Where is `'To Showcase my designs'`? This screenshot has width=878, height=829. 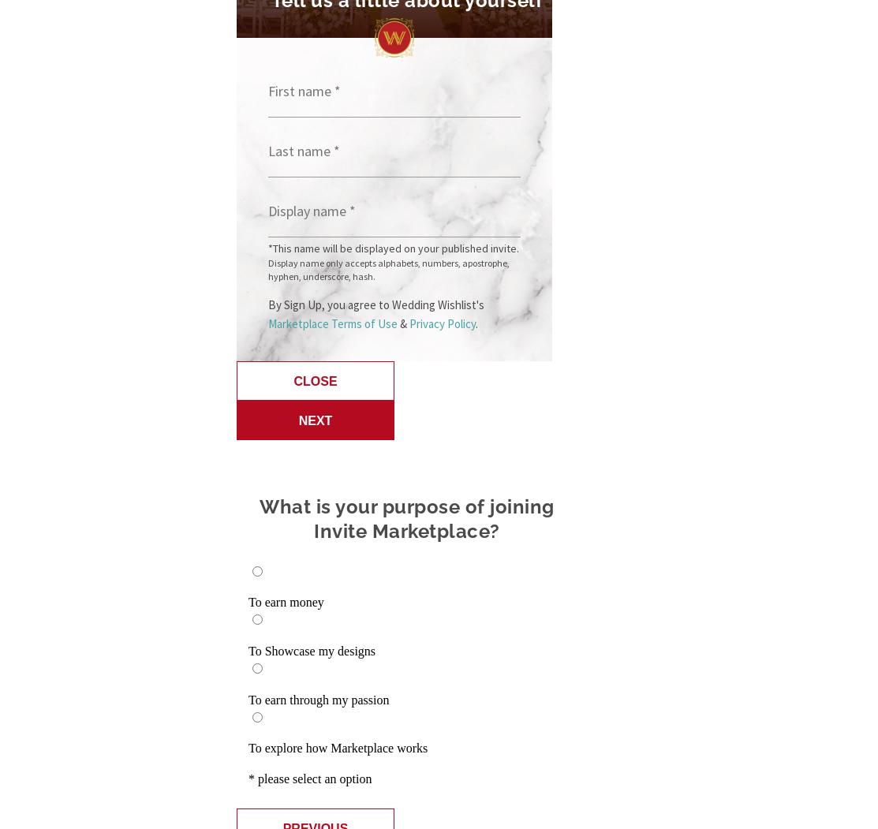
'To Showcase my designs' is located at coordinates (312, 651).